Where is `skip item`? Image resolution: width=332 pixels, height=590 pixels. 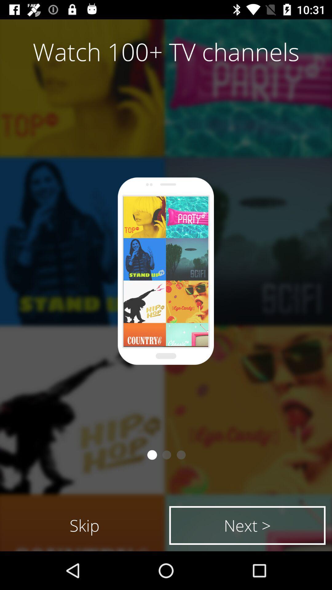 skip item is located at coordinates (85, 525).